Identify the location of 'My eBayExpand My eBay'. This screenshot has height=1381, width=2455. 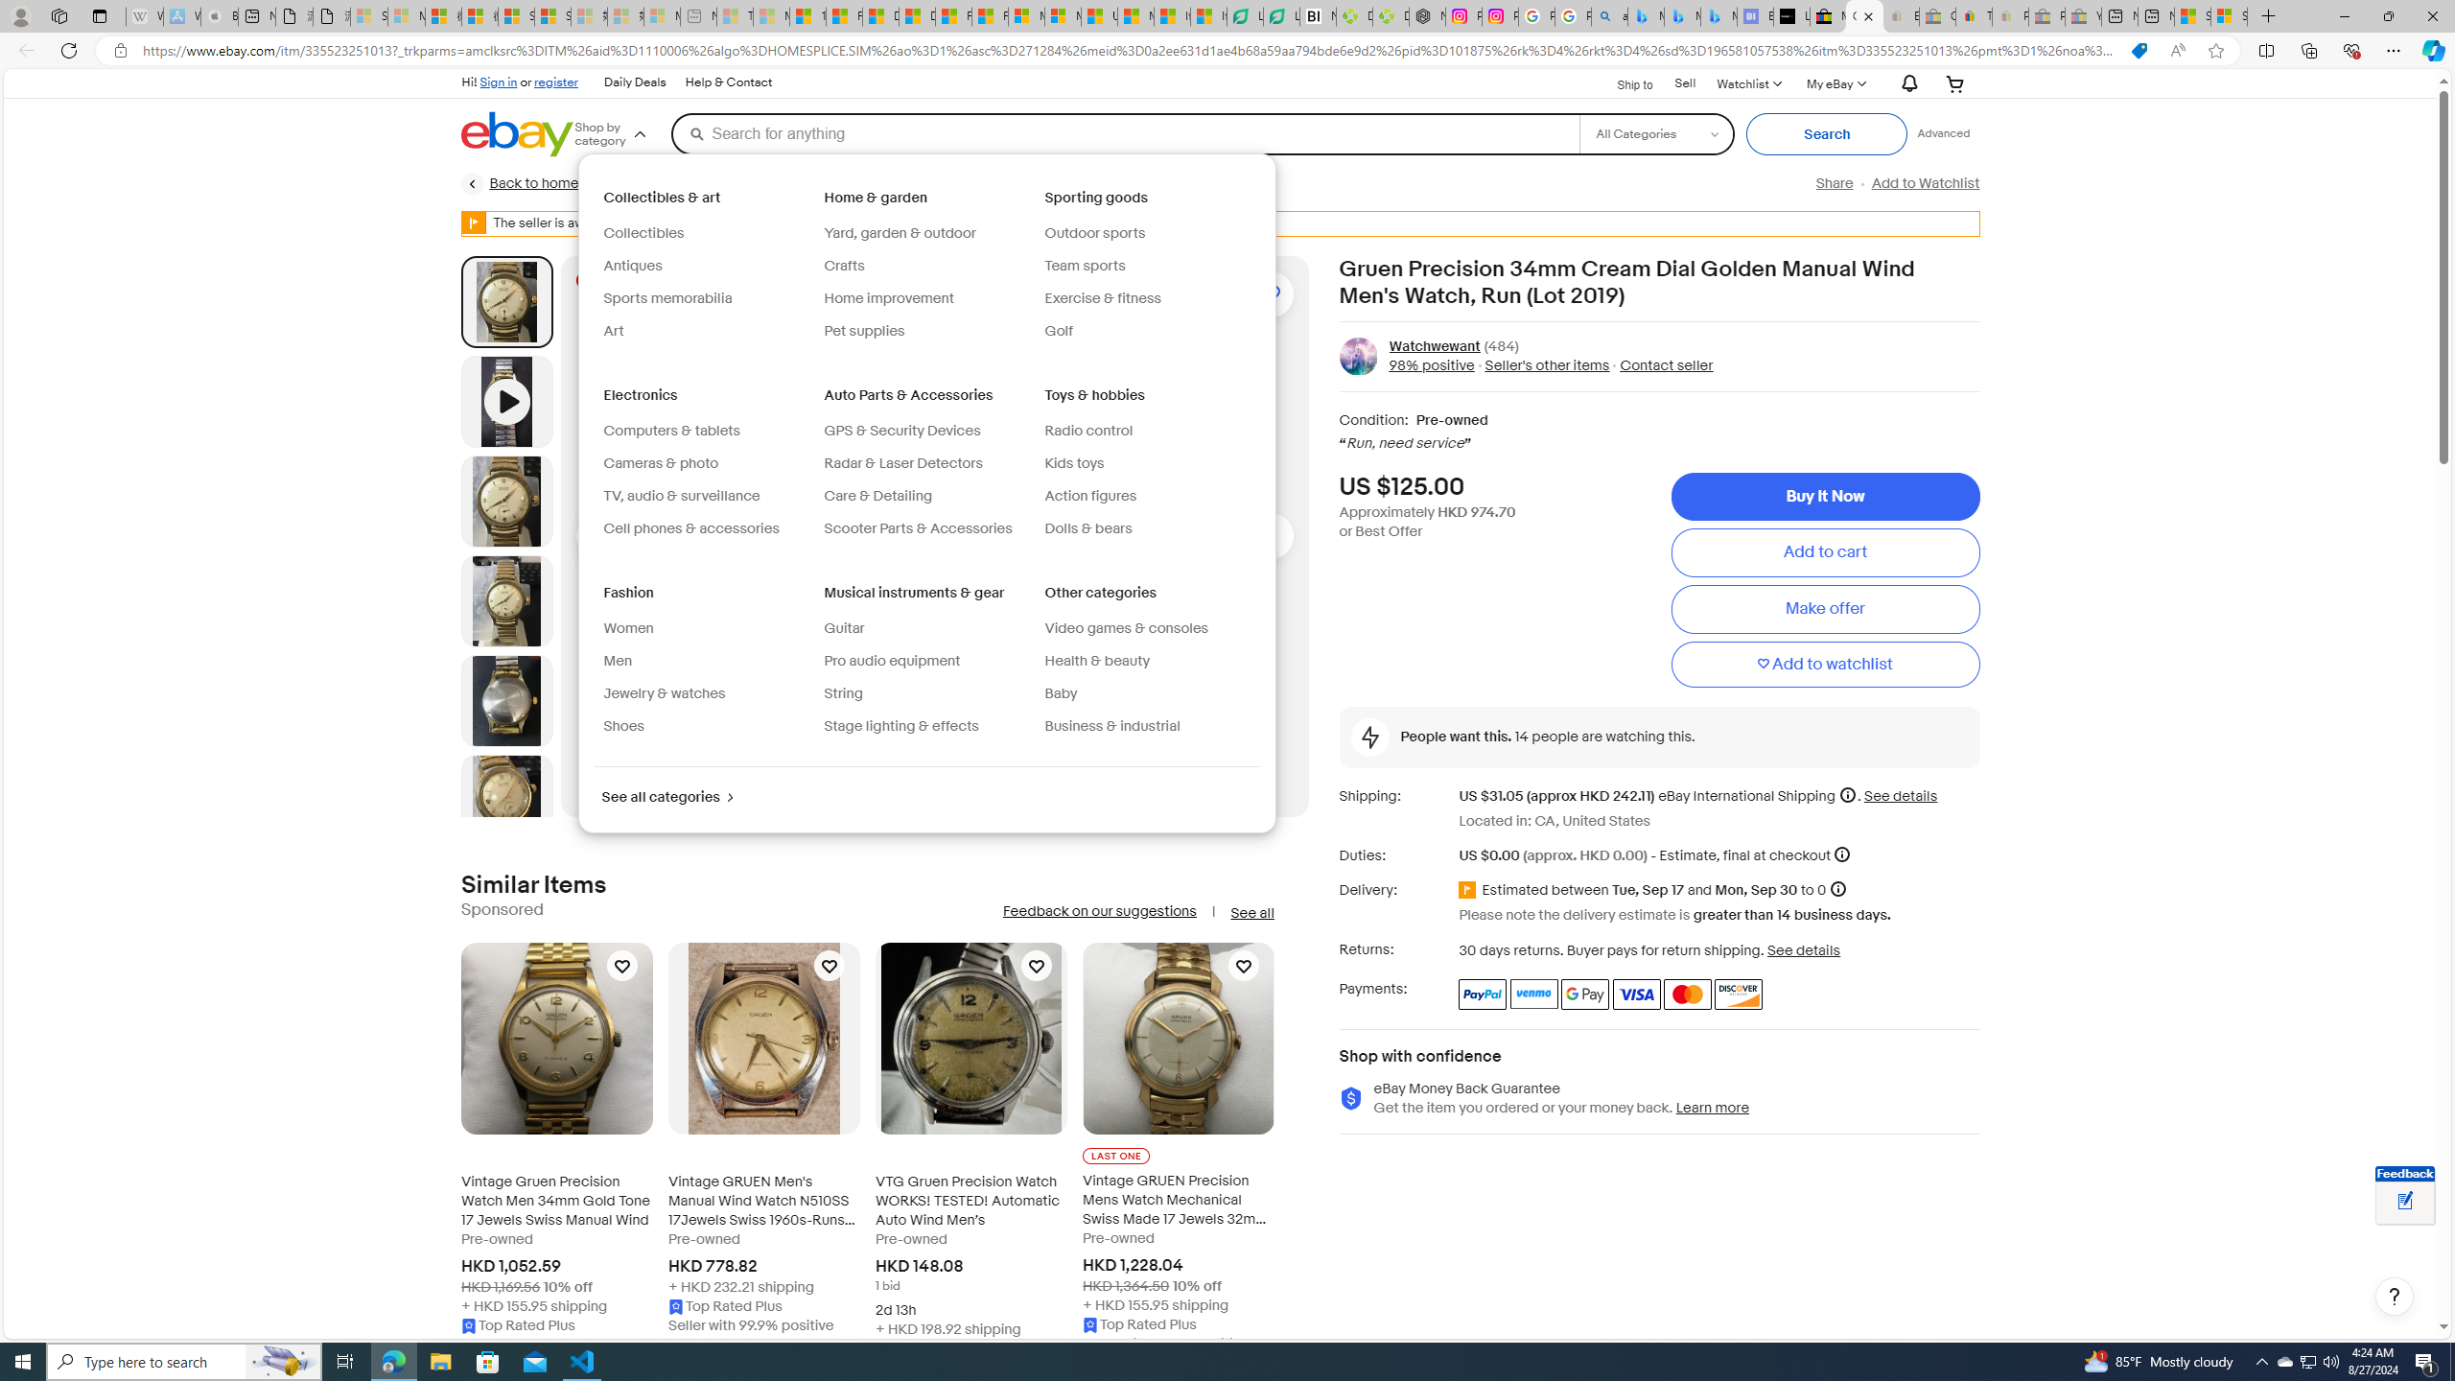
(1834, 83).